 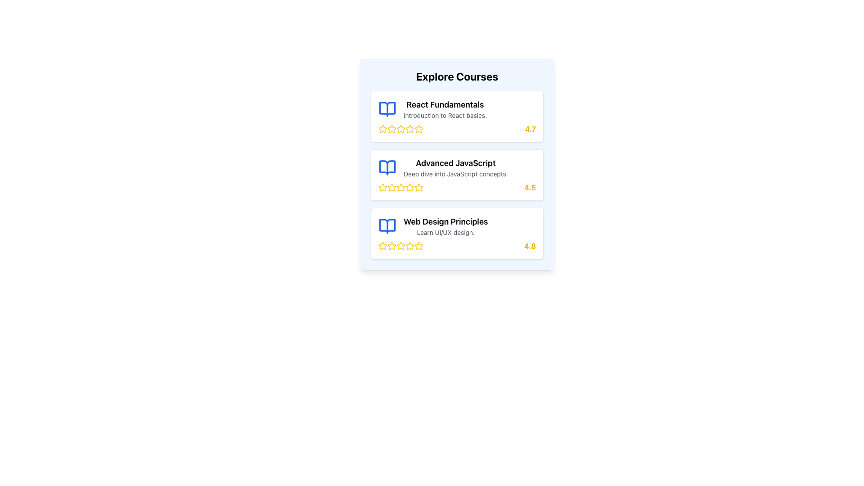 What do you see at coordinates (457, 225) in the screenshot?
I see `the element containing the text 'Web Design Principles' and the accompanying blue open book icon` at bounding box center [457, 225].